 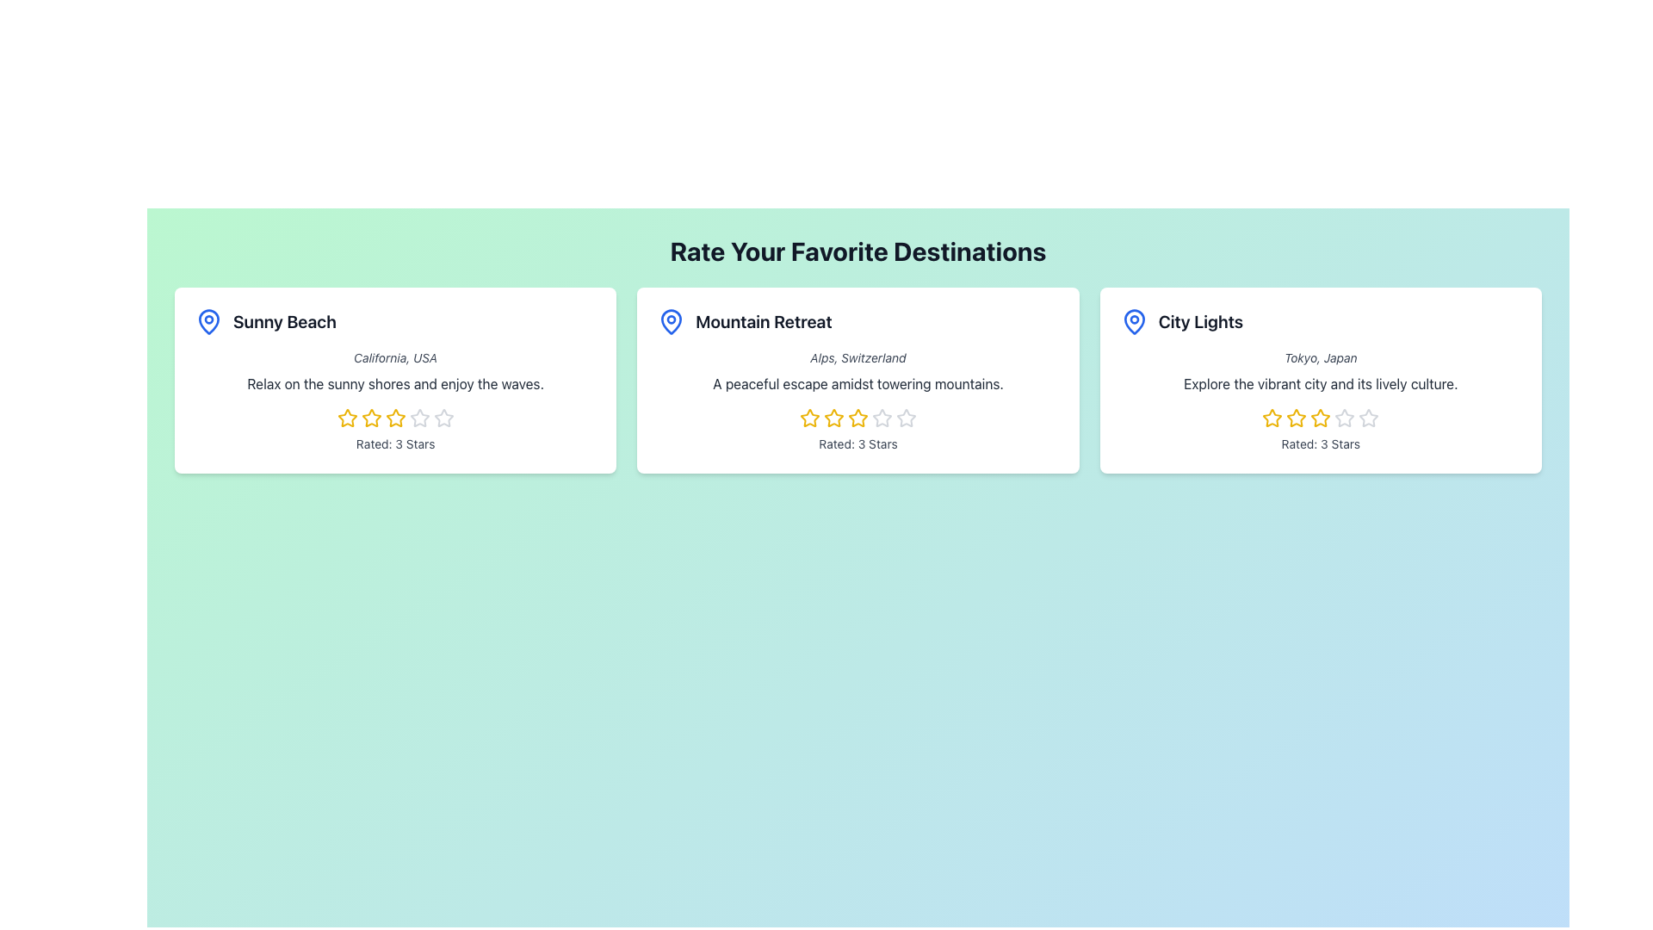 I want to click on the Text Display that describes the 'Sunny Beach' destination, located below 'California, USA' and above the rating stars, so click(x=394, y=383).